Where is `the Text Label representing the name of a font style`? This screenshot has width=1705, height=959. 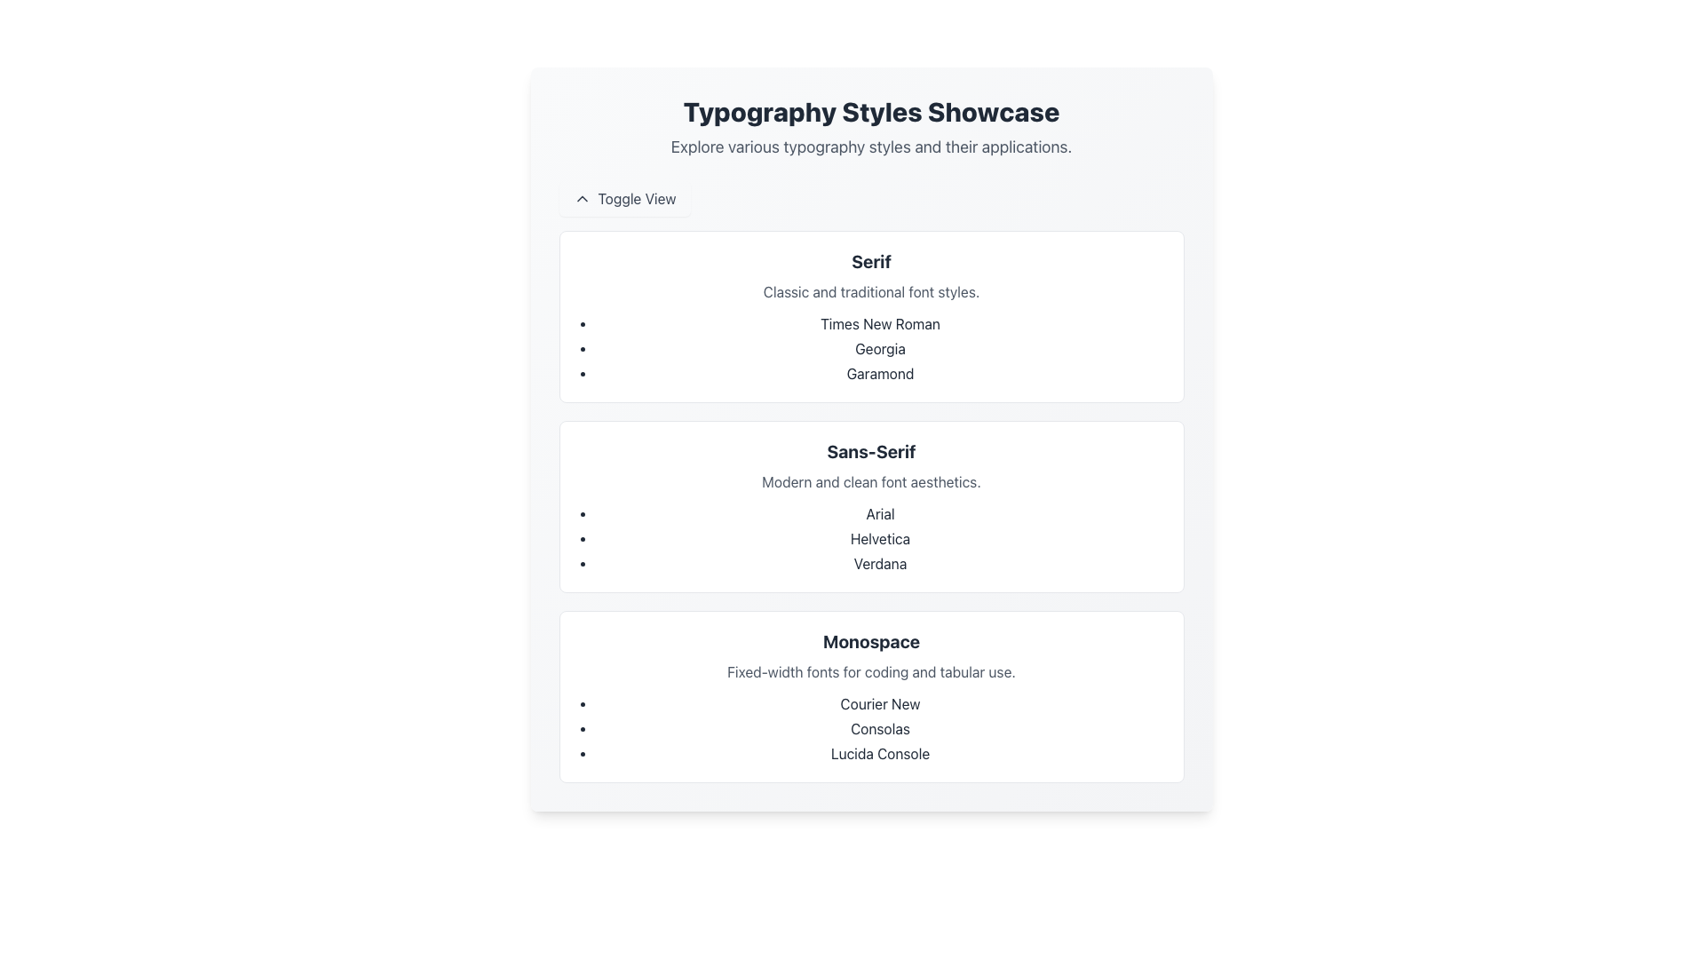
the Text Label representing the name of a font style is located at coordinates (880, 372).